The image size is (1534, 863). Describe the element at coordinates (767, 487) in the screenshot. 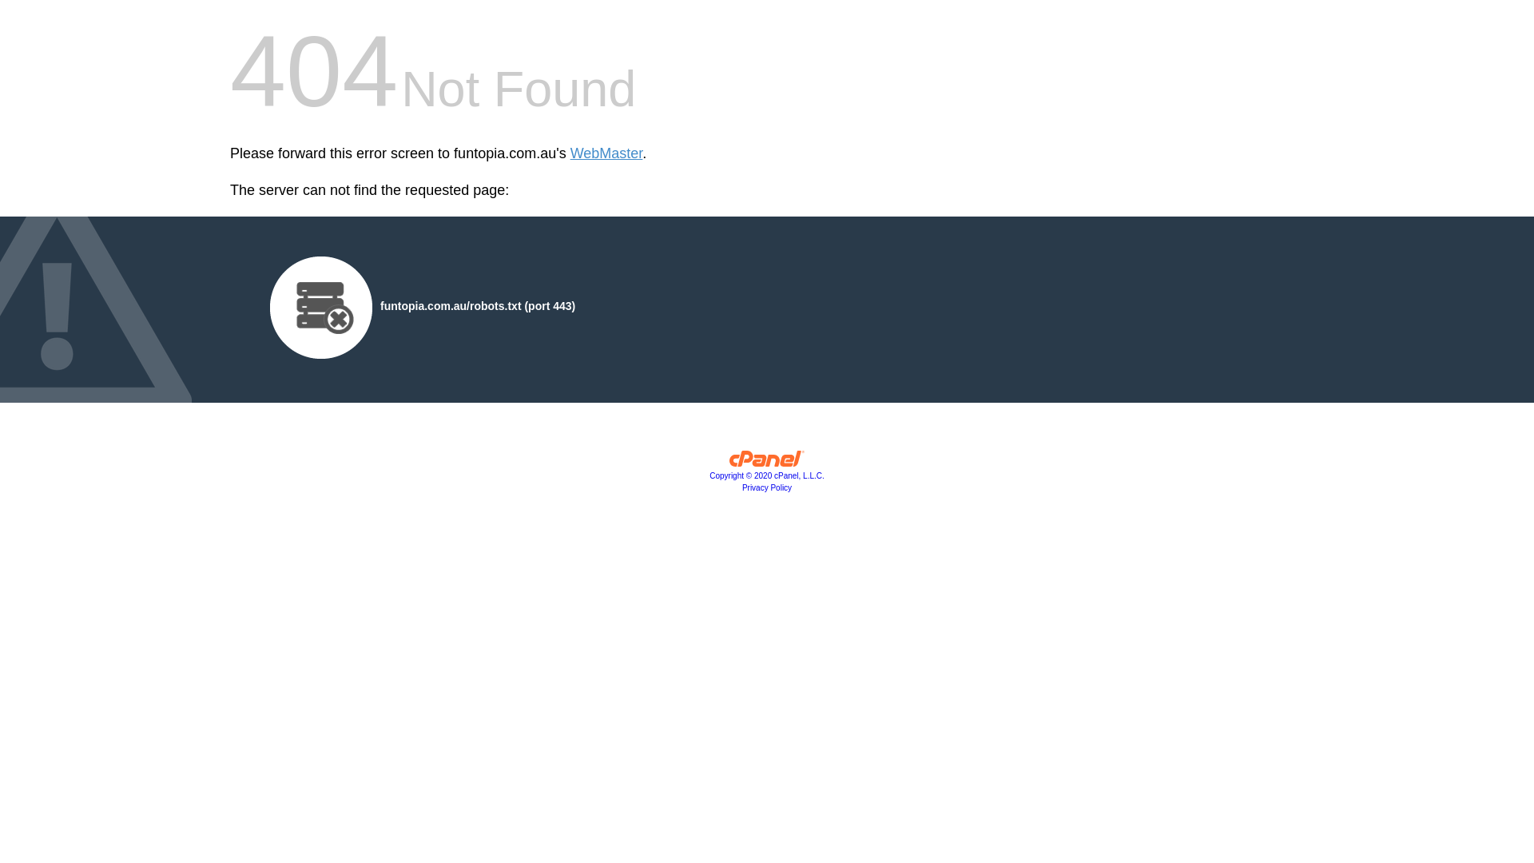

I see `'Privacy Policy'` at that location.